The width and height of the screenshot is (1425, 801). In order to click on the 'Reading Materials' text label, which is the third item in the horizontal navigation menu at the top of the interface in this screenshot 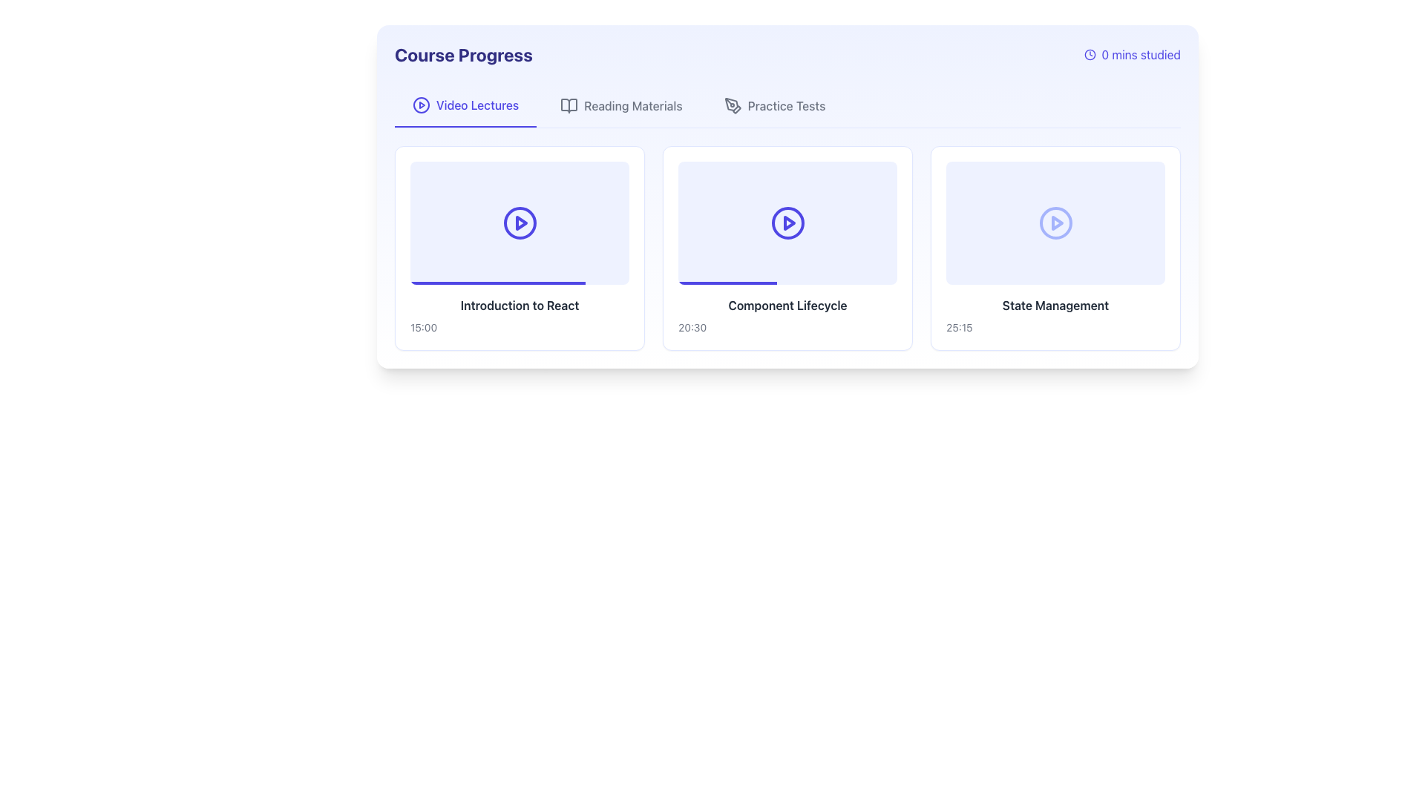, I will do `click(633, 105)`.